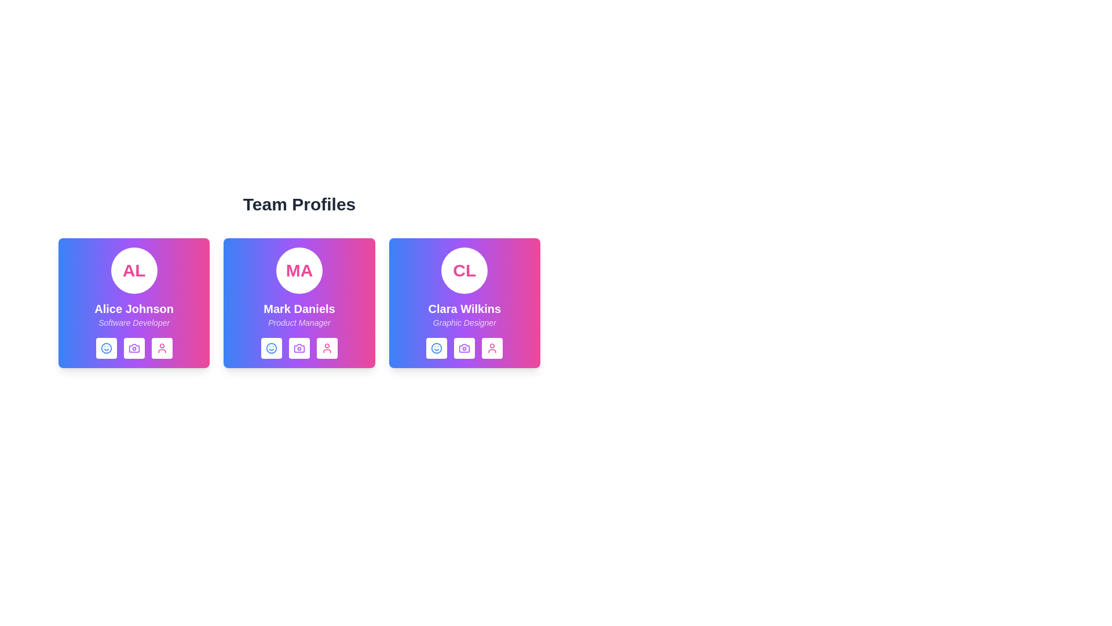  Describe the element at coordinates (464, 348) in the screenshot. I see `the camera icon button located in the profile card of 'Clara Wilkins'` at that location.